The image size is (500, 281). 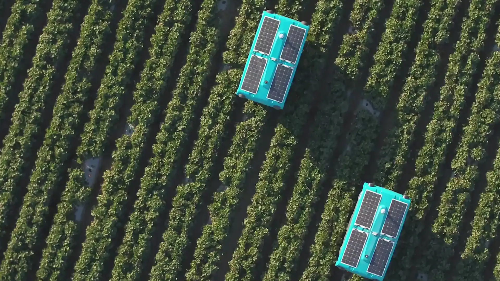 I want to click on Seeing underwater In 2020, X launches Tidal, a new project combining machine learning and an underwater camera system to help understand and protect our oceans ecosystems. They start with a small corner of the problem: partnering with fish farmers to help them run and grow their operations more sustainably., so click(x=264, y=67).